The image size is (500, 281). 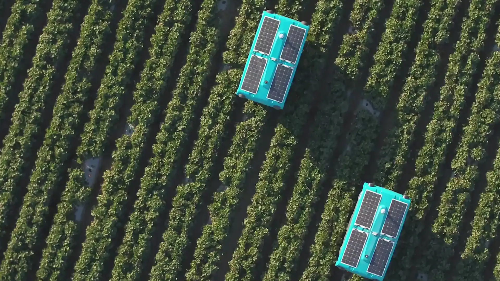 I want to click on Seeing underwater In 2020, X launches Tidal, a new project combining machine learning and an underwater camera system to help understand and protect our oceans ecosystems. They start with a small corner of the problem: partnering with fish farmers to help them run and grow their operations more sustainably., so click(x=264, y=67).